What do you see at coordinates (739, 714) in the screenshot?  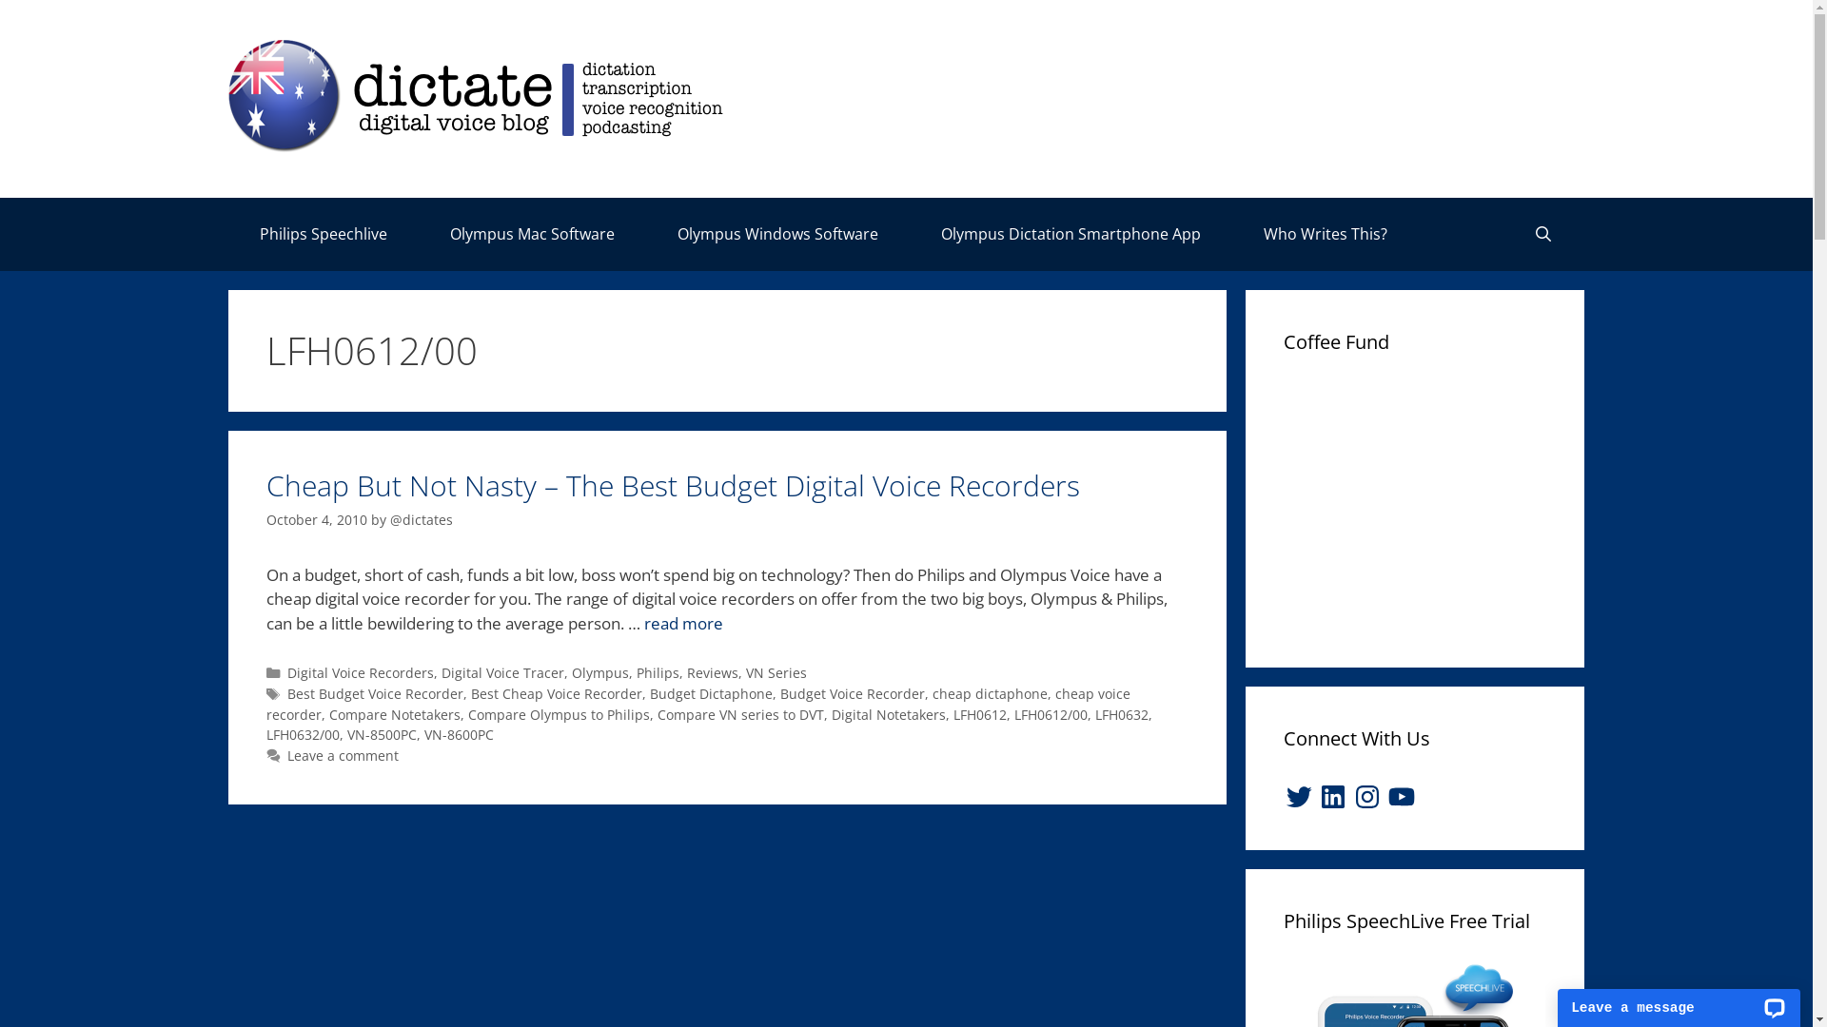 I see `'Compare VN series to DVT'` at bounding box center [739, 714].